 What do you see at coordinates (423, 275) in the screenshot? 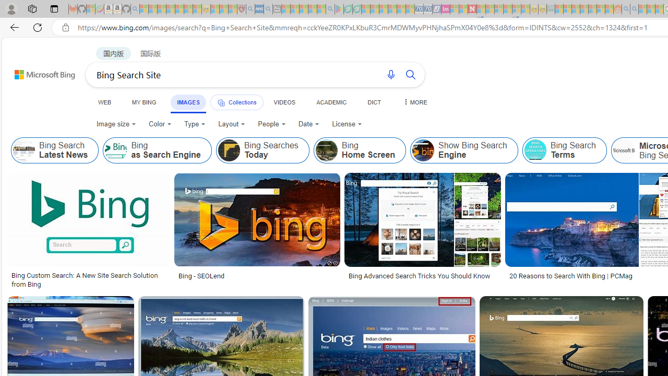
I see `'Bing Advanced Search Tricks You Should Know'` at bounding box center [423, 275].